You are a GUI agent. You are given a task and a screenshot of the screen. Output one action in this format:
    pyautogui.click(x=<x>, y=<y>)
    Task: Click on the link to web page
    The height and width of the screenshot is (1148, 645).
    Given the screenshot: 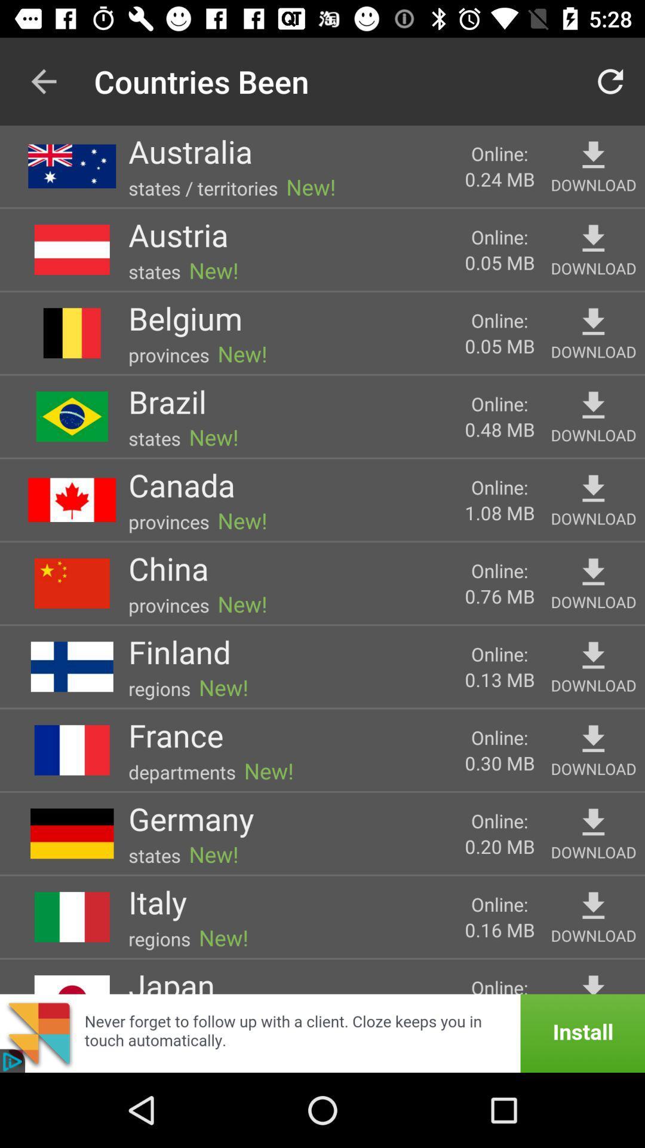 What is the action you would take?
    pyautogui.click(x=322, y=1033)
    